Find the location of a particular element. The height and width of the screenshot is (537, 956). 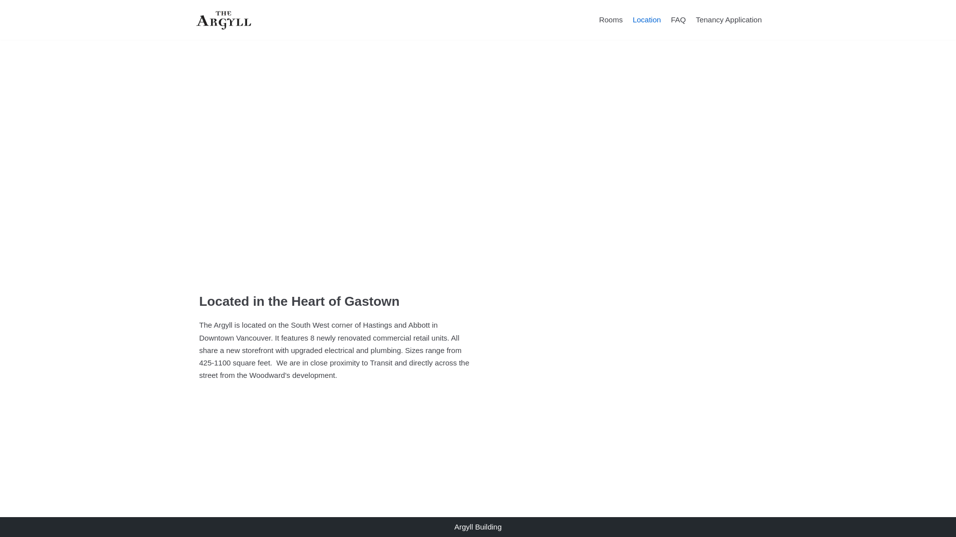

'Tenancy Application' is located at coordinates (728, 20).